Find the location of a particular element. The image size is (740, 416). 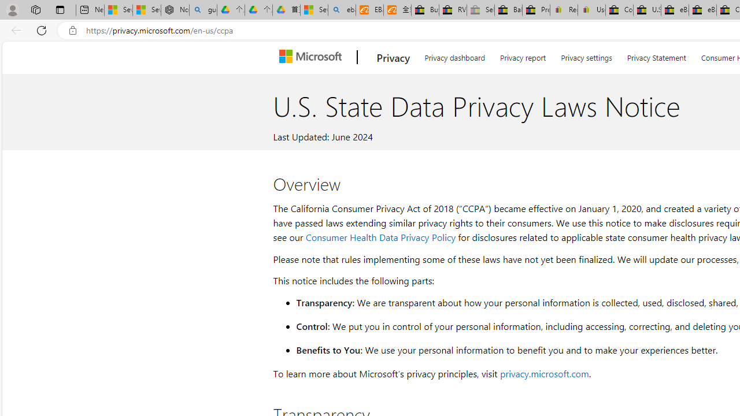

'Refresh' is located at coordinates (42, 29).